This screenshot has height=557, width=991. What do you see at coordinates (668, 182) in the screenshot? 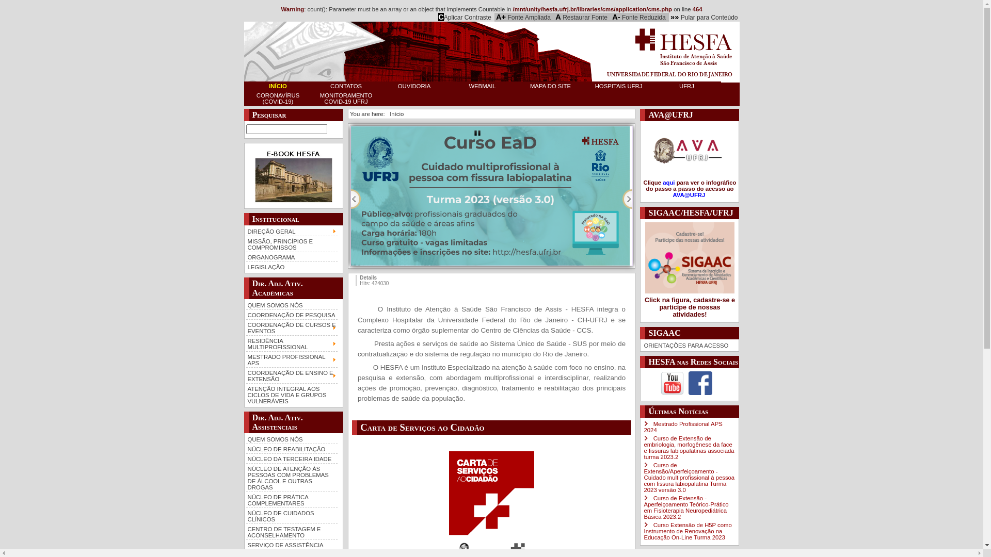
I see `'aqui'` at bounding box center [668, 182].